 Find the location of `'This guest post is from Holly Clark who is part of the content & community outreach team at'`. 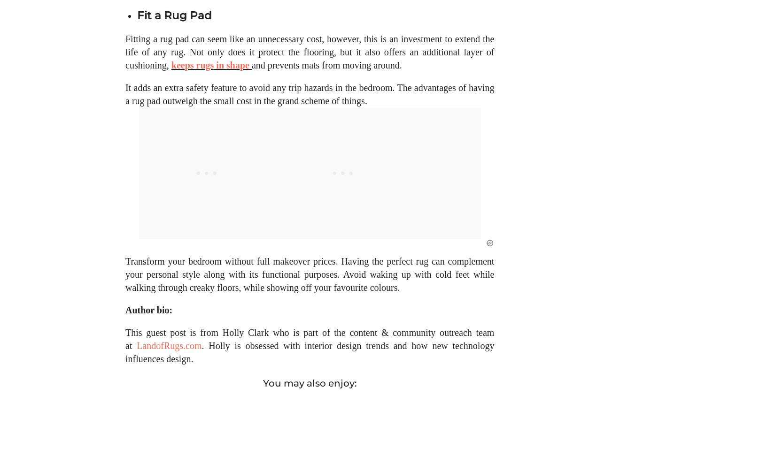

'This guest post is from Holly Clark who is part of the content & community outreach team at' is located at coordinates (309, 348).